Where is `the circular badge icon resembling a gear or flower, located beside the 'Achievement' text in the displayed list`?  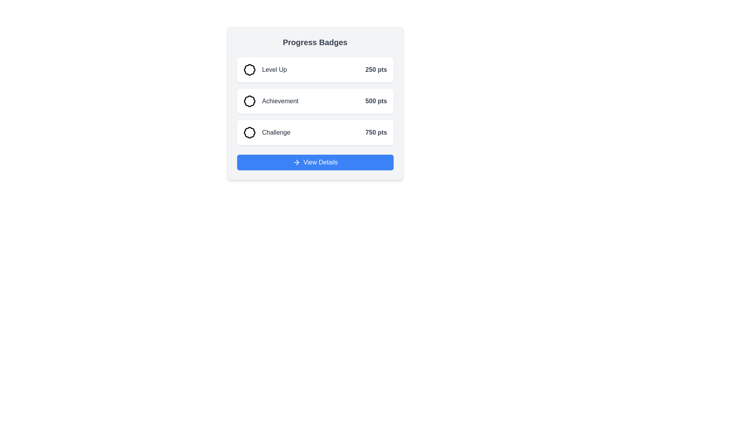 the circular badge icon resembling a gear or flower, located beside the 'Achievement' text in the displayed list is located at coordinates (249, 101).